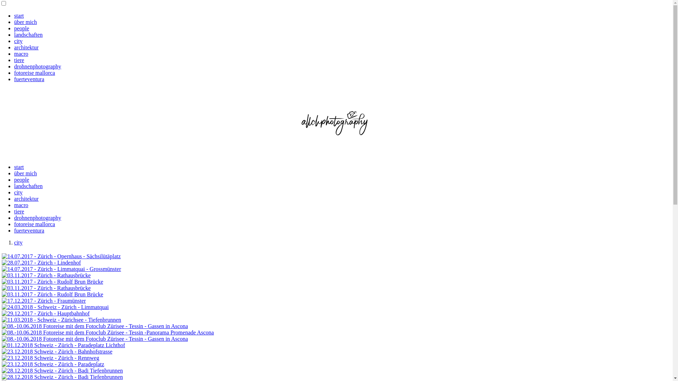 This screenshot has height=381, width=678. Describe the element at coordinates (28, 186) in the screenshot. I see `'landschaften'` at that location.